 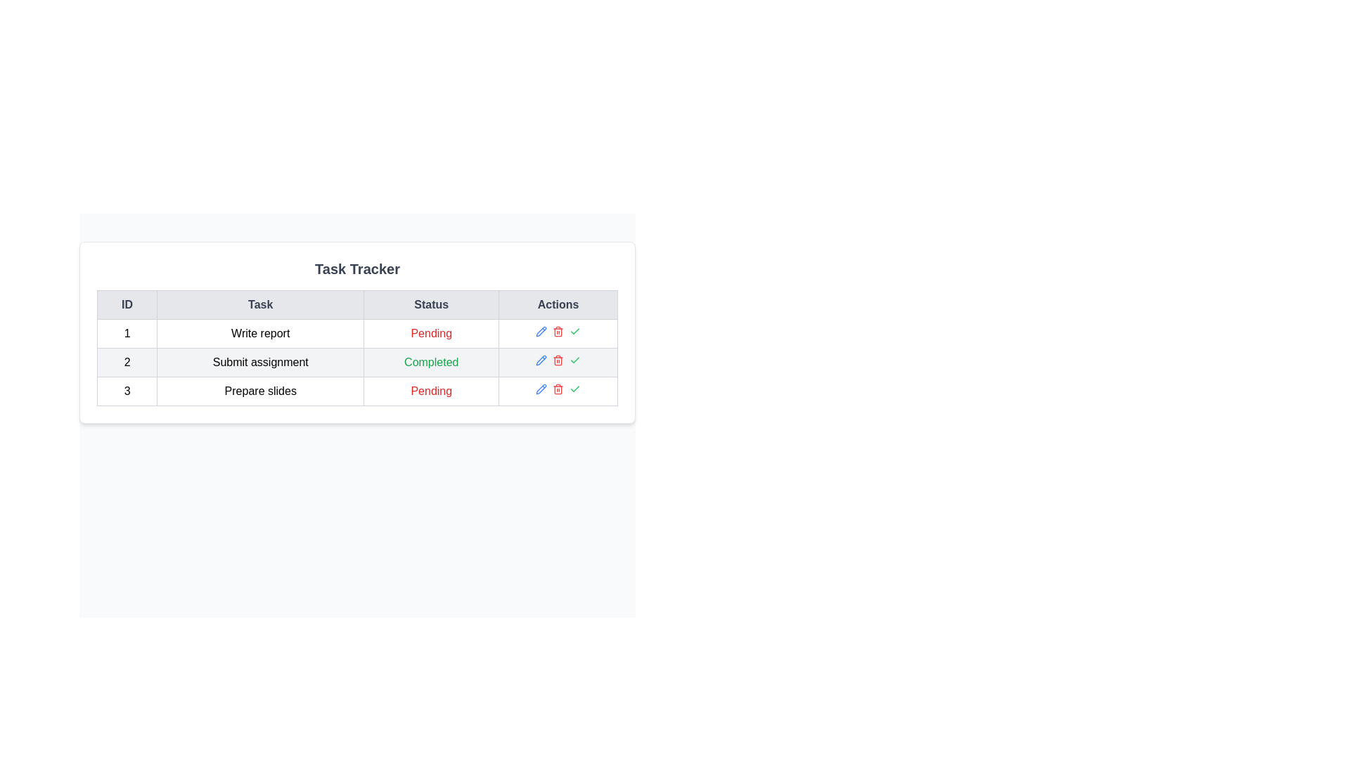 I want to click on the check icon for task with ID 3 to mark it as completed, so click(x=575, y=389).